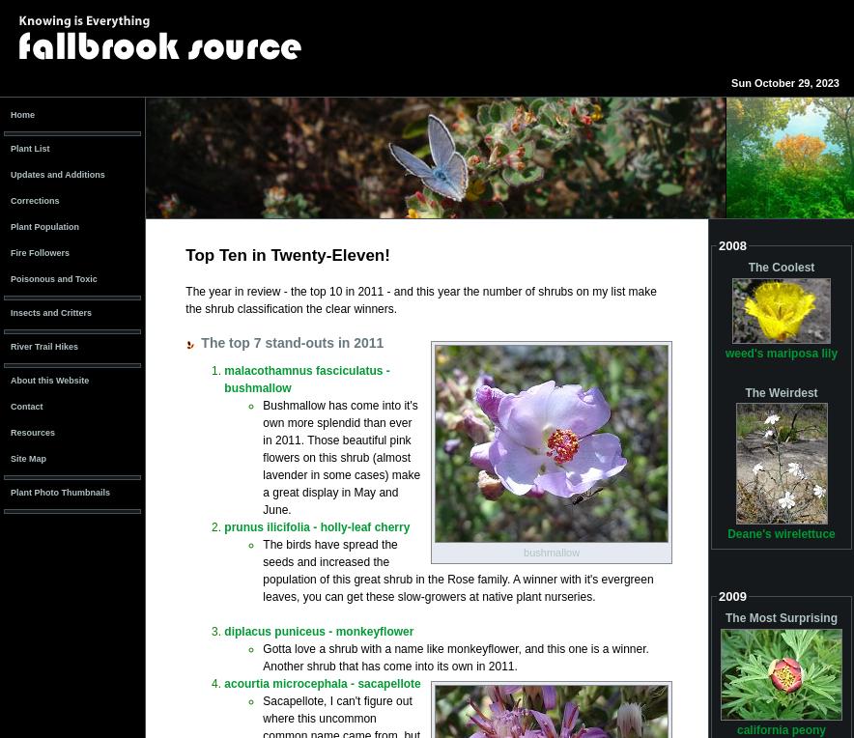 The image size is (854, 738). Describe the element at coordinates (33, 433) in the screenshot. I see `'Resources'` at that location.